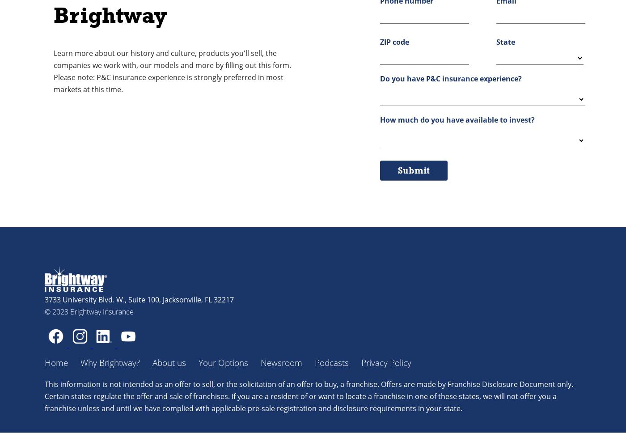 The width and height of the screenshot is (626, 442). Describe the element at coordinates (332, 362) in the screenshot. I see `'Podcasts'` at that location.